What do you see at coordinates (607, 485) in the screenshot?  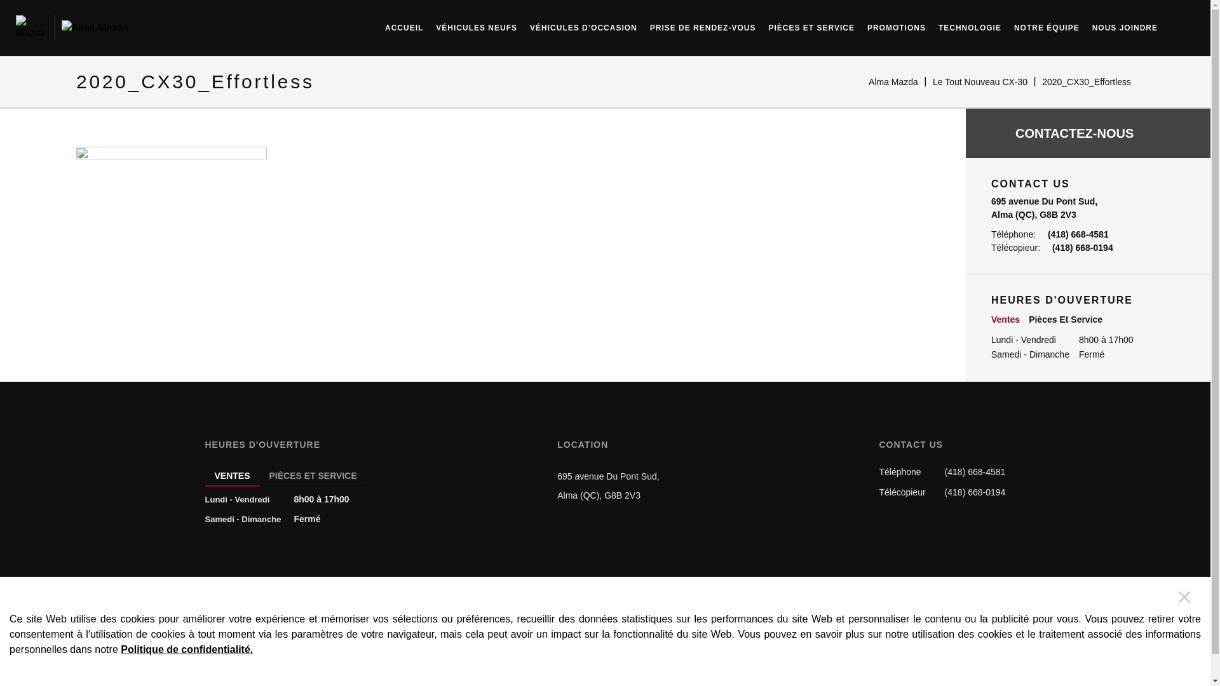 I see `'695 avenue Du Pont Sud,` at bounding box center [607, 485].